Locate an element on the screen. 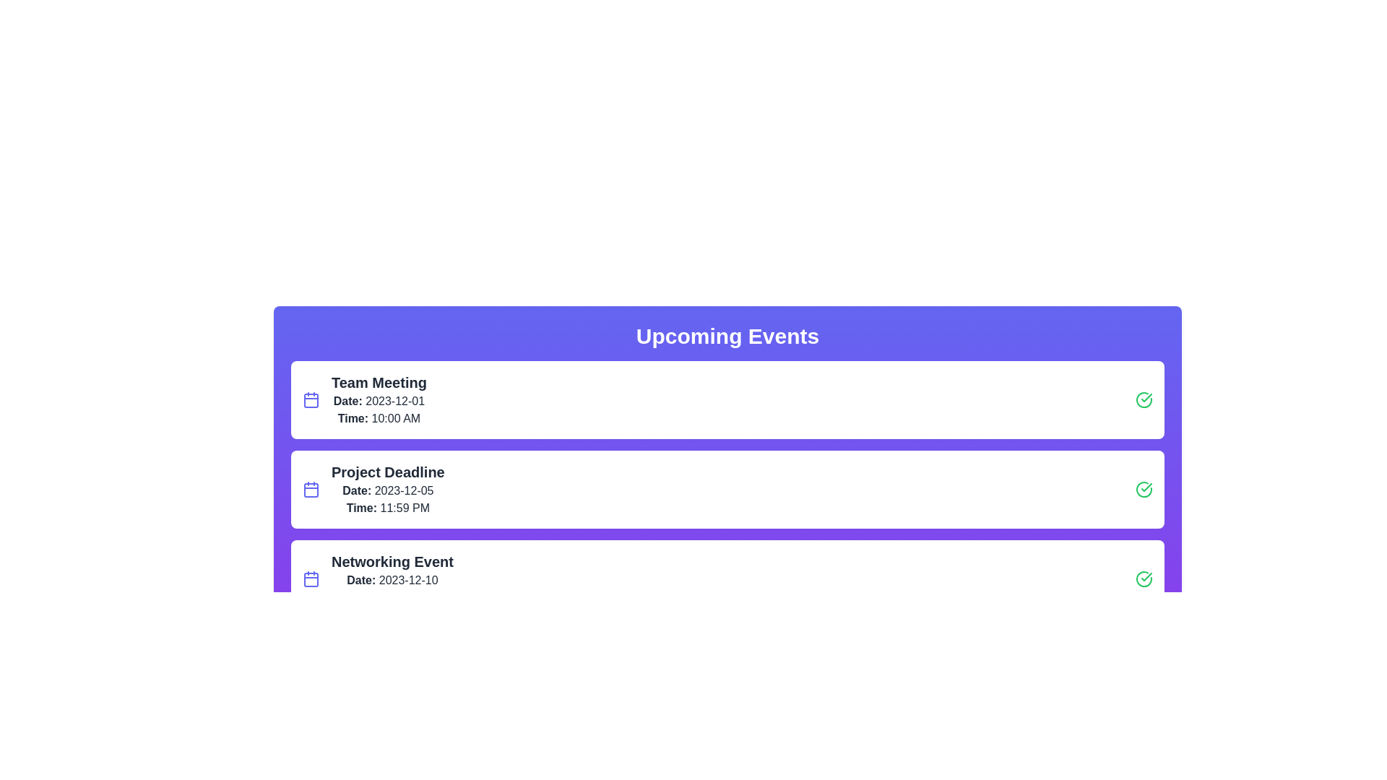 The width and height of the screenshot is (1387, 780). the calendar icon segment in the third row associated with 'Networking Event' is located at coordinates (311, 578).